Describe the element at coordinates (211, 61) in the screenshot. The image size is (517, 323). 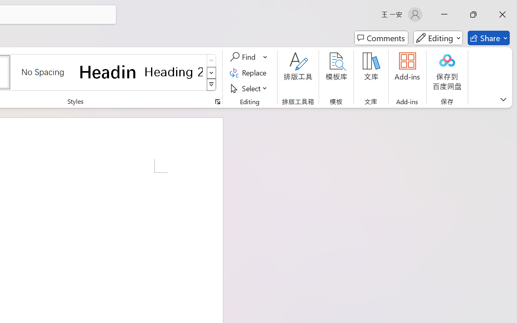
I see `'Row up'` at that location.